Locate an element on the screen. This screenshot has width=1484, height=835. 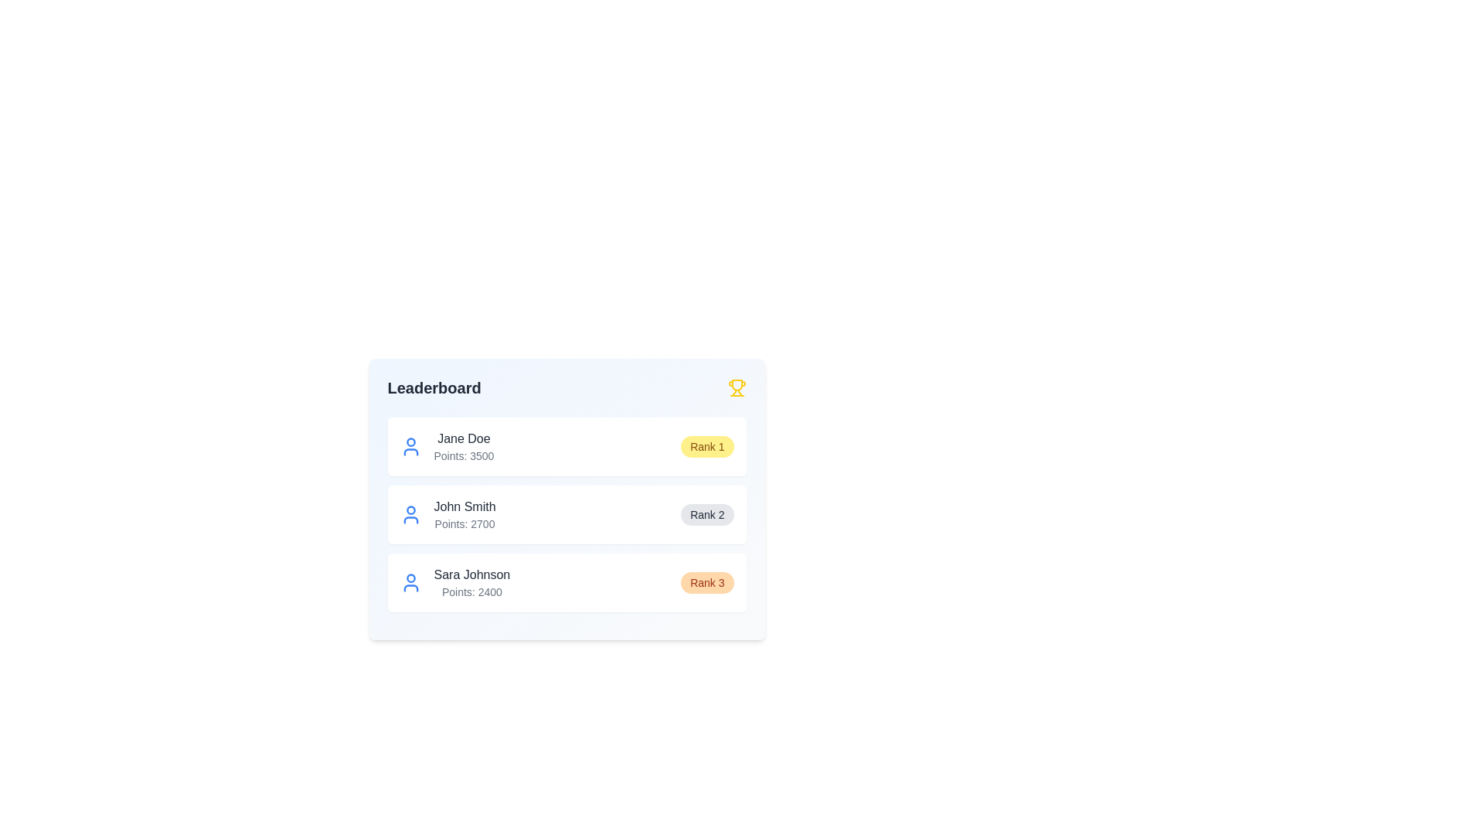
the static text label displaying the point total (3500) for 'Jane Doe' in the leaderboard, located below the user's name is located at coordinates (463, 455).